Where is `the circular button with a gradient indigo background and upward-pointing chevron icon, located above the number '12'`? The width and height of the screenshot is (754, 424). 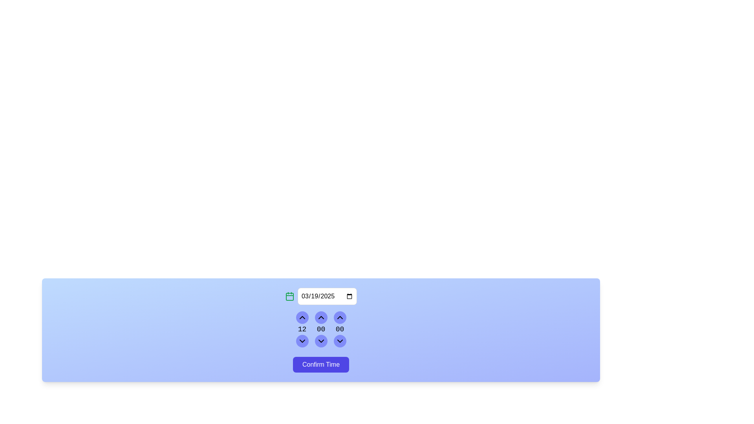
the circular button with a gradient indigo background and upward-pointing chevron icon, located above the number '12' is located at coordinates (302, 317).